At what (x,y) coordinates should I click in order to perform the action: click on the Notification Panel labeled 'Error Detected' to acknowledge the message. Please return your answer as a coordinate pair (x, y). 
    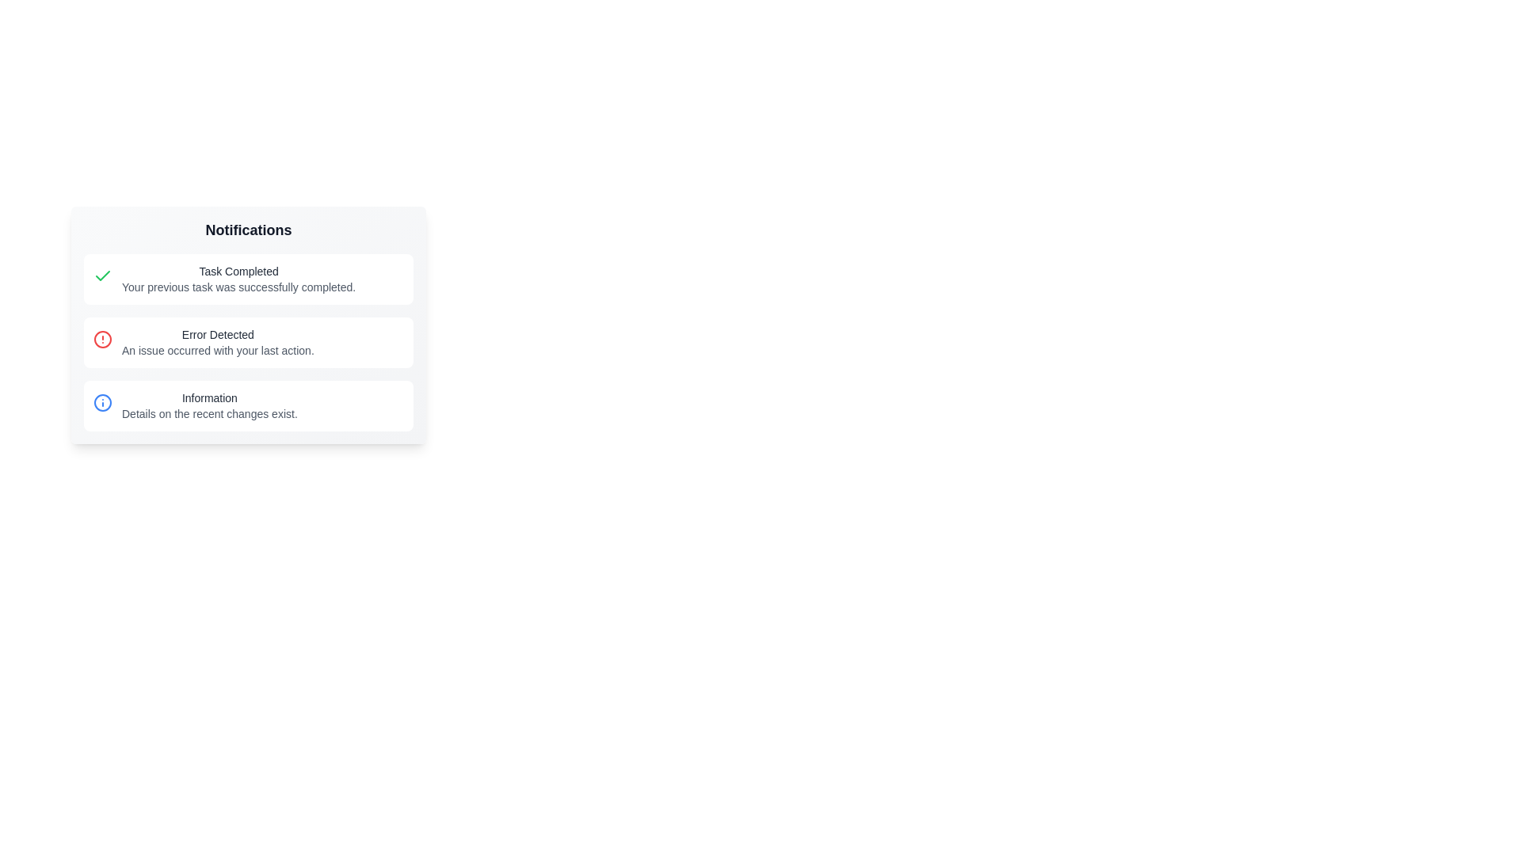
    Looking at the image, I should click on (247, 325).